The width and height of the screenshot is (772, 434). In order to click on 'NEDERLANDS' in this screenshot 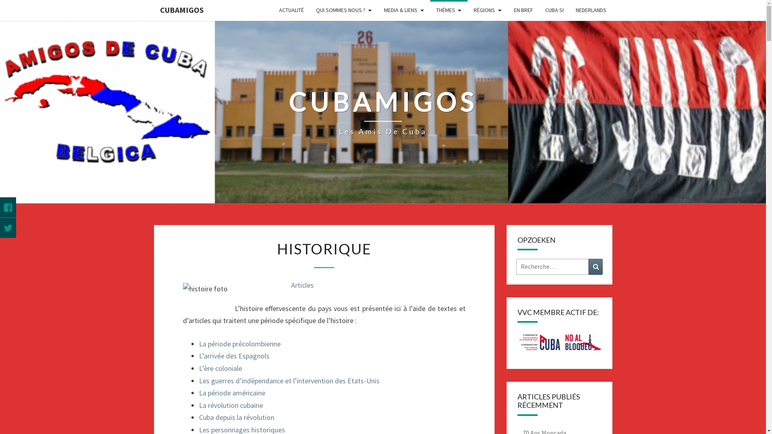, I will do `click(590, 10)`.